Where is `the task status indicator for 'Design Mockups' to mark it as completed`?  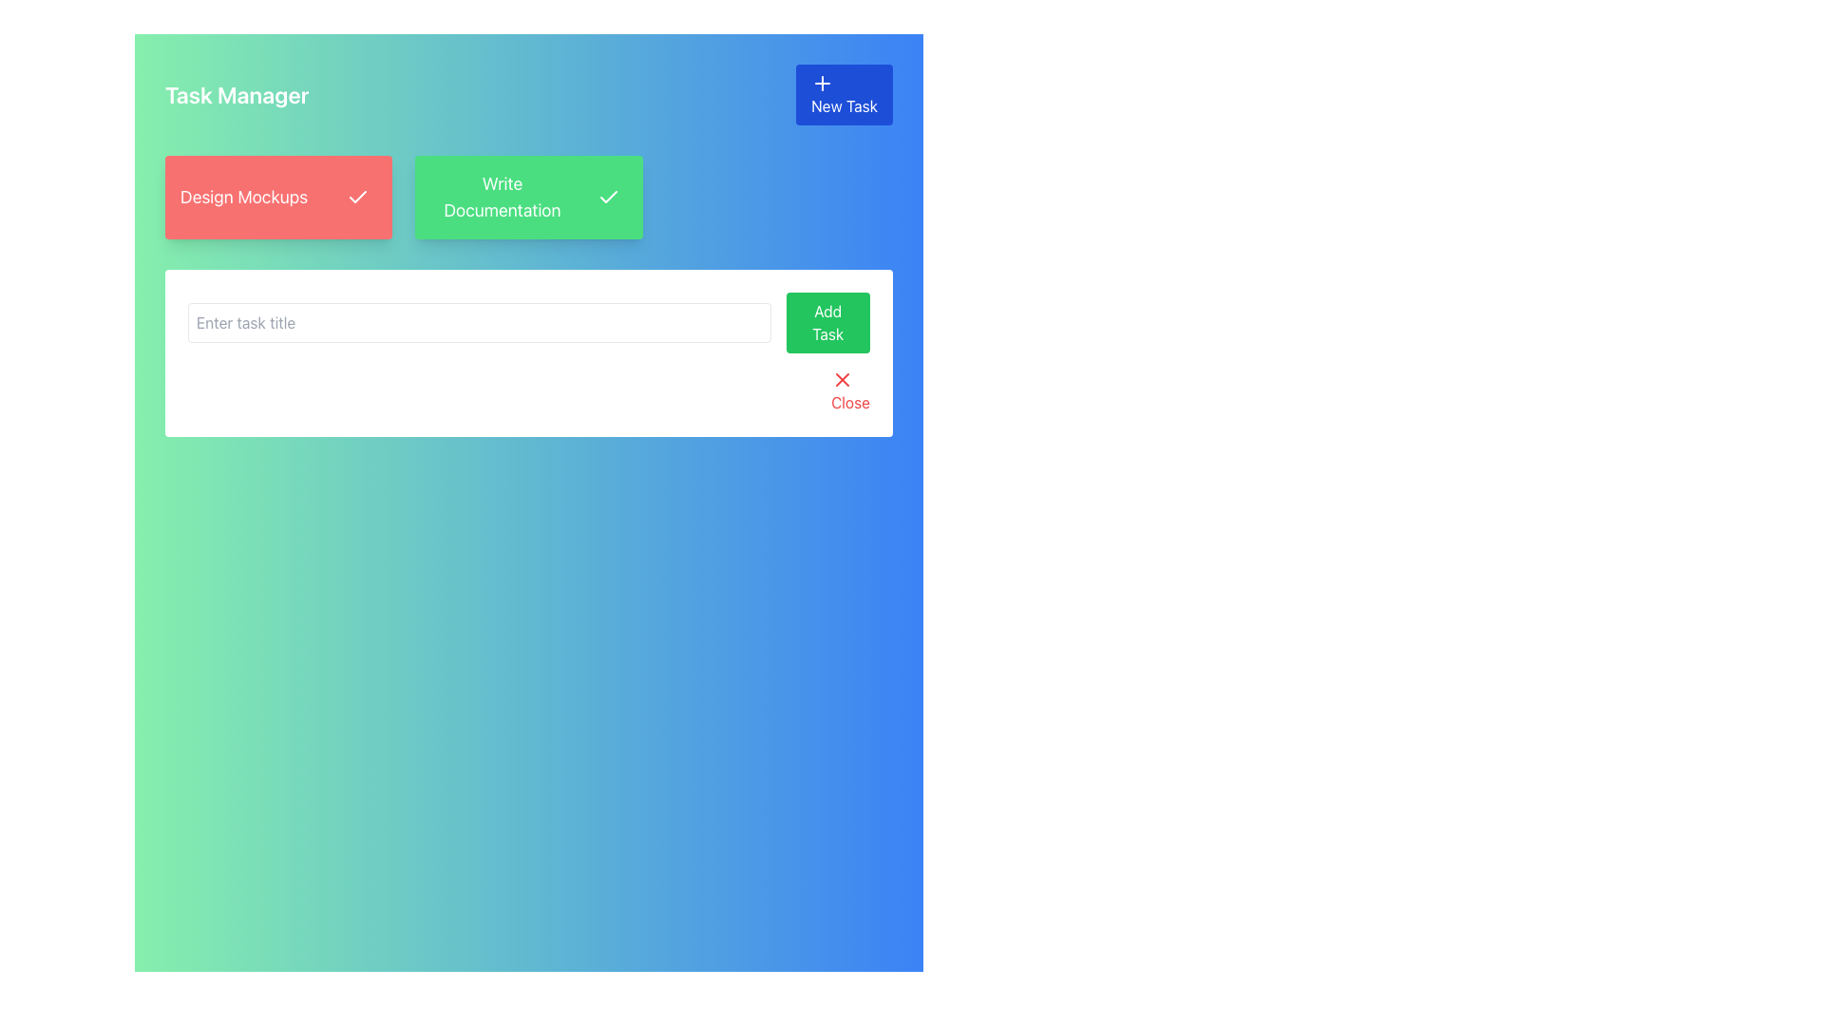 the task status indicator for 'Design Mockups' to mark it as completed is located at coordinates (277, 198).